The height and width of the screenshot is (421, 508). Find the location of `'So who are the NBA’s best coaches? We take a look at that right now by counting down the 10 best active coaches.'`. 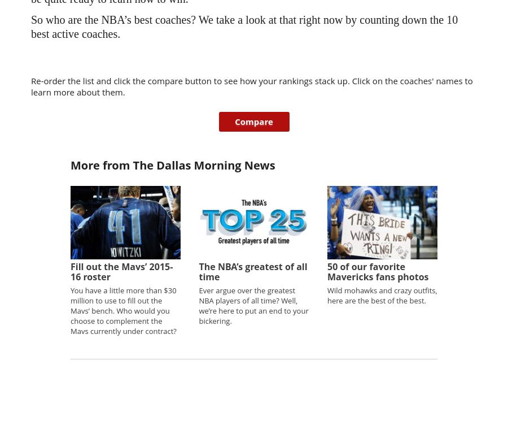

'So who are the NBA’s best coaches? We take a look at that right now by counting down the 10 best active coaches.' is located at coordinates (244, 26).